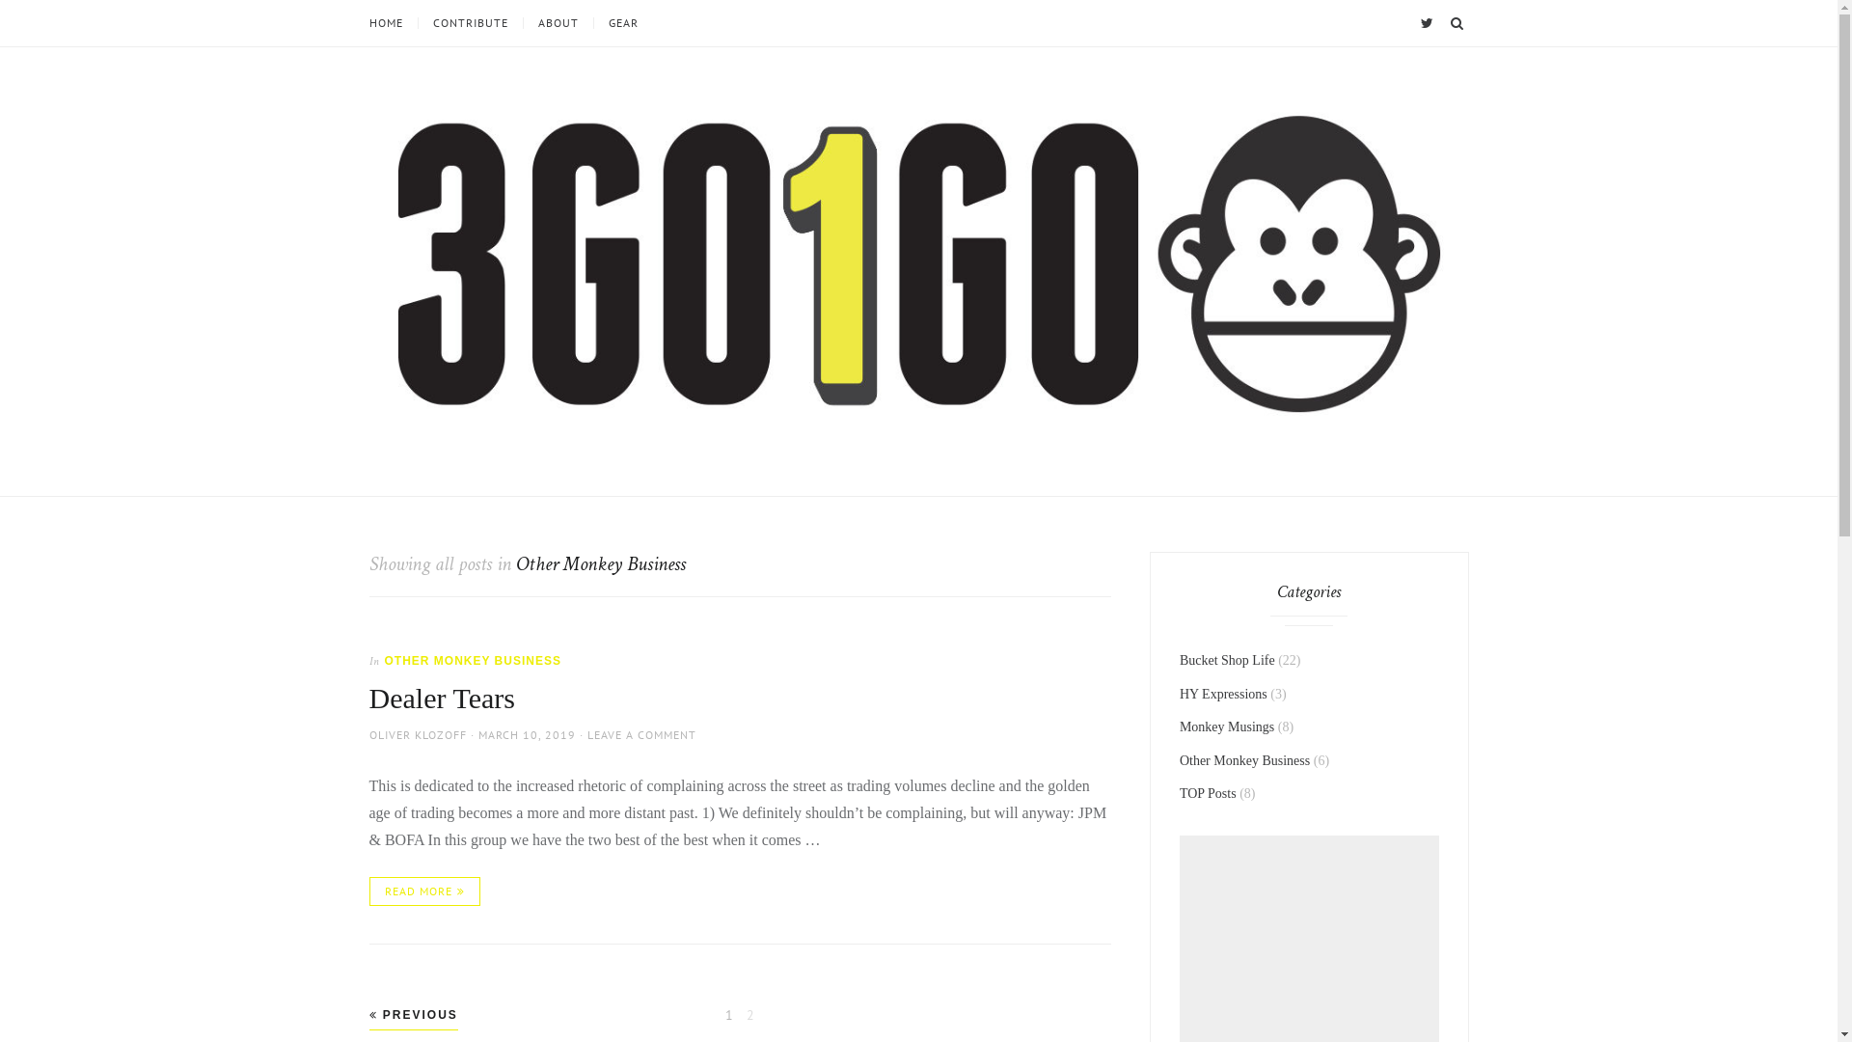  Describe the element at coordinates (368, 734) in the screenshot. I see `'OLIVER KLOZOFF'` at that location.